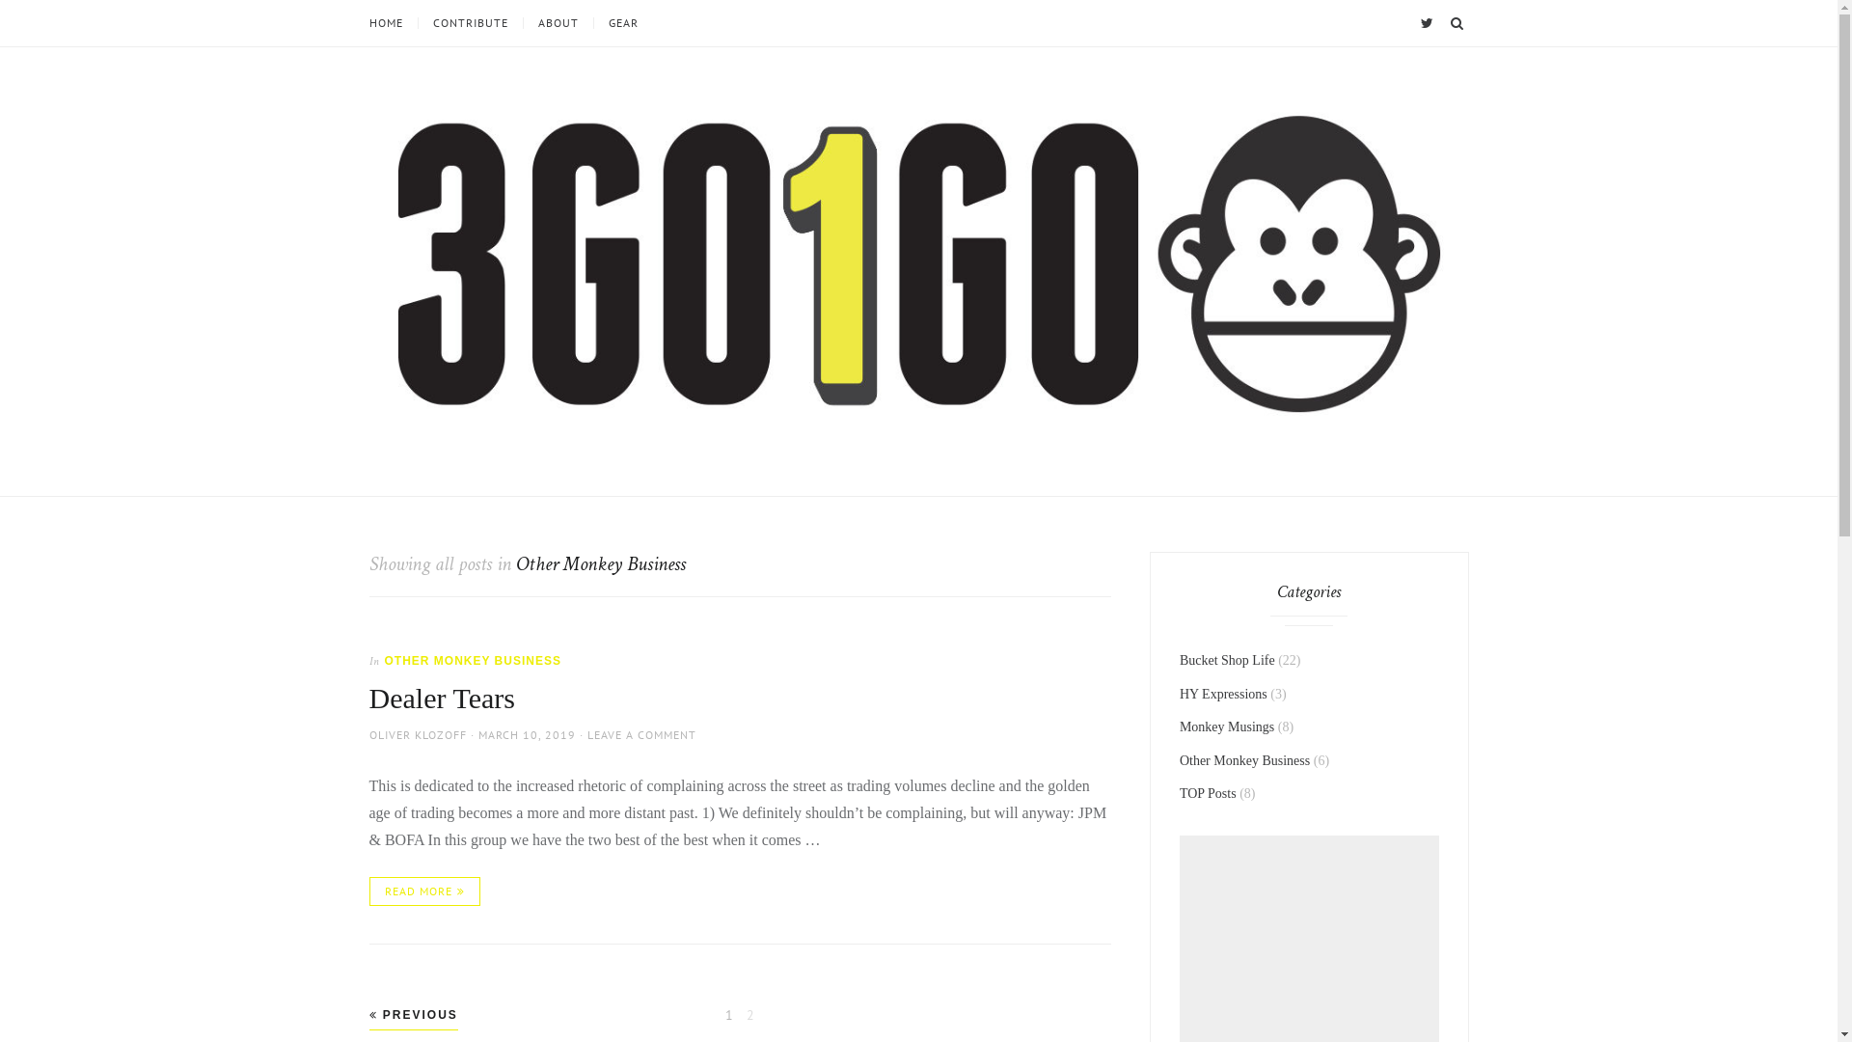  Describe the element at coordinates (368, 734) in the screenshot. I see `'OLIVER KLOZOFF'` at that location.